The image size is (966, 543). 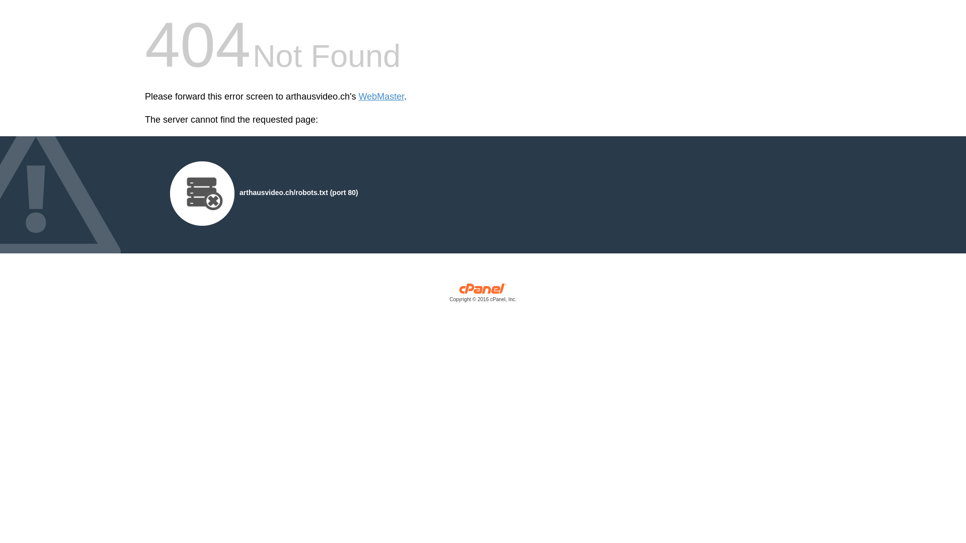 I want to click on 'WebMaster', so click(x=381, y=97).